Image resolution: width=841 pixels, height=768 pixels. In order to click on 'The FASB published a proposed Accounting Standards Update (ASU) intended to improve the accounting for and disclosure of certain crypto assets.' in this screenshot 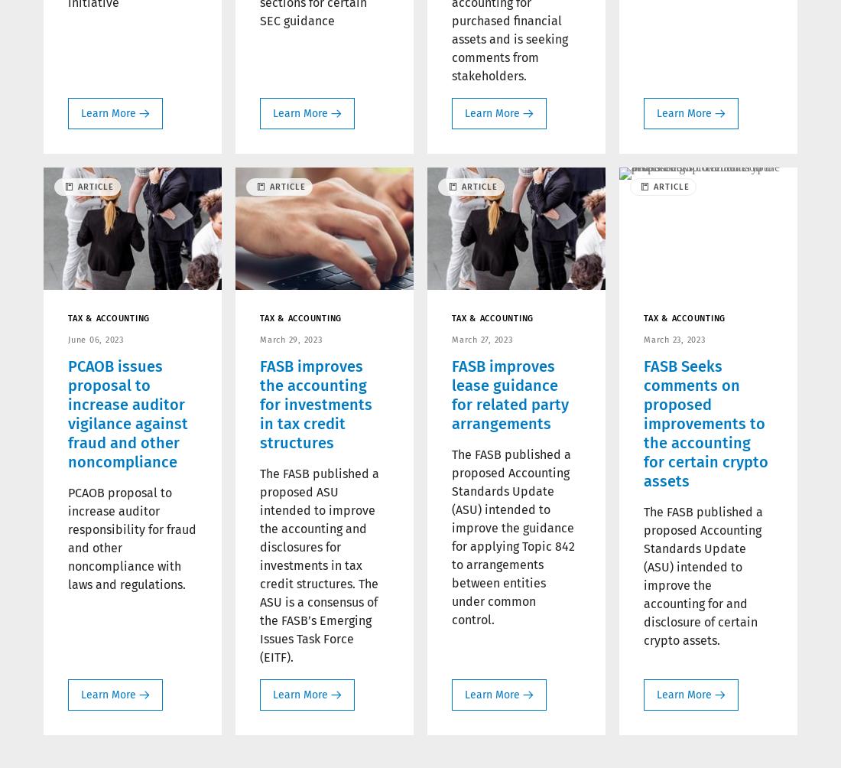, I will do `click(703, 574)`.